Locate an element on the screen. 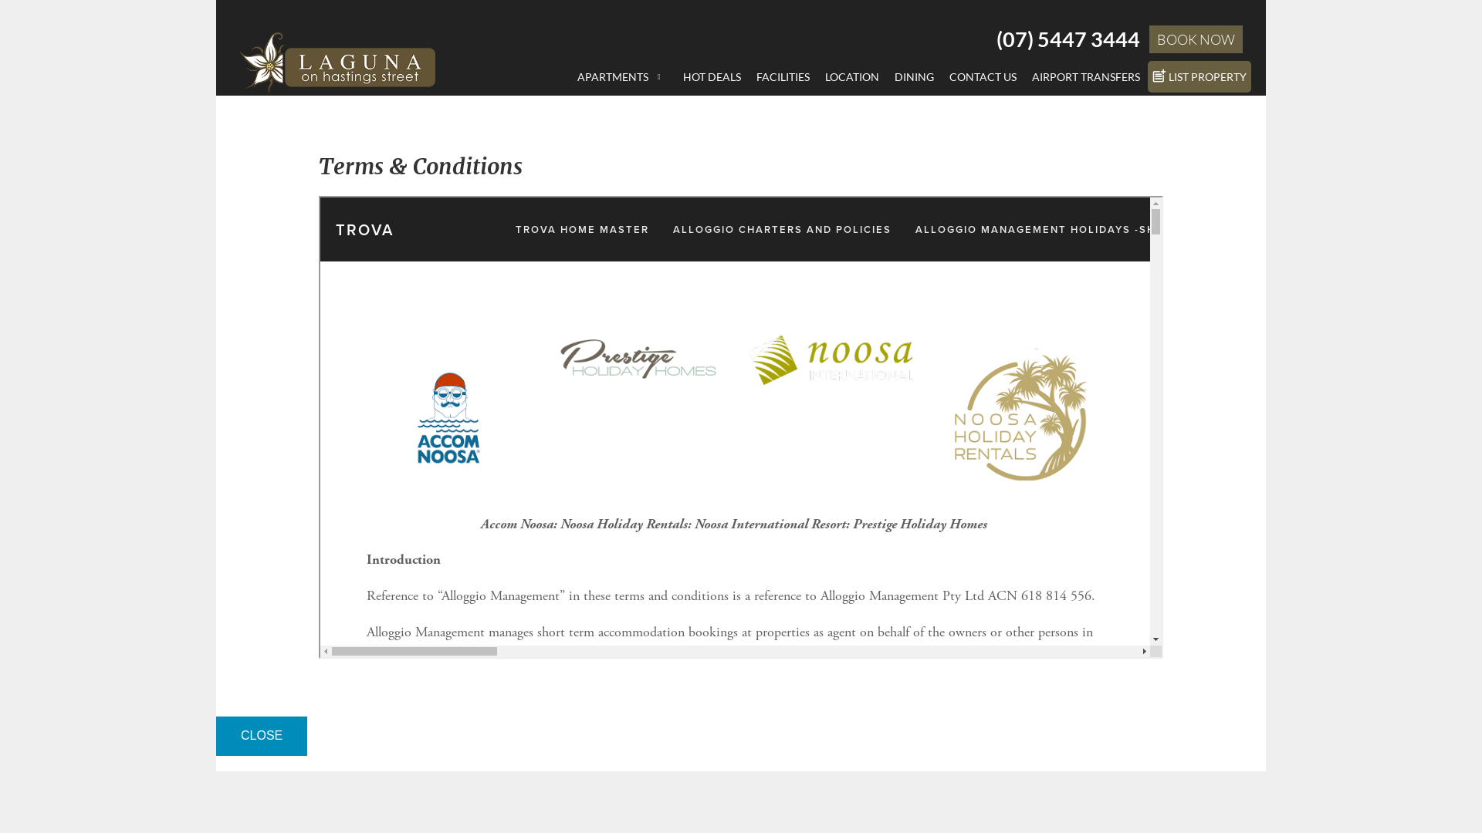 This screenshot has width=1482, height=833. 'LIST PROPERTY' is located at coordinates (1199, 76).